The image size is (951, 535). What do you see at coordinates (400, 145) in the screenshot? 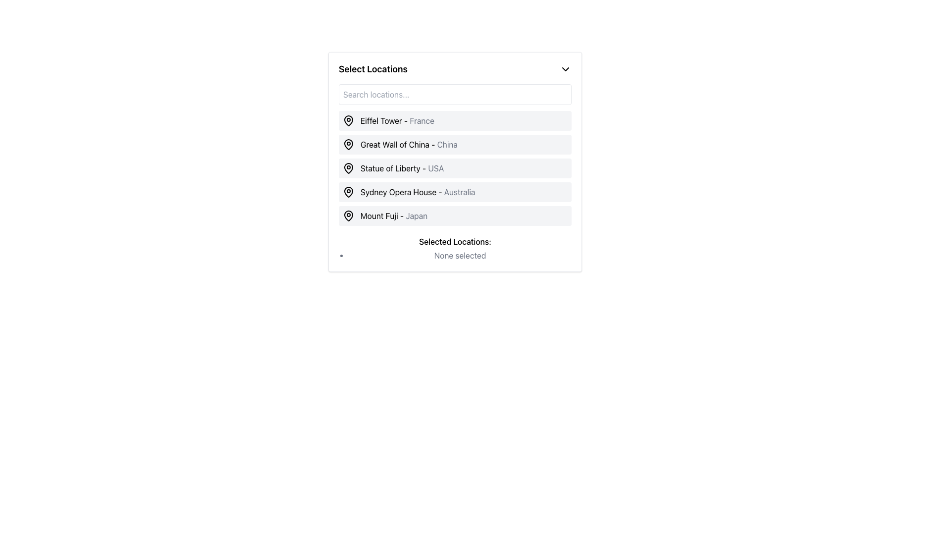
I see `the second selectable option in the 'Select Locations' dropdown that displays 'Great Wall of China - China' with an icon on its left` at bounding box center [400, 145].